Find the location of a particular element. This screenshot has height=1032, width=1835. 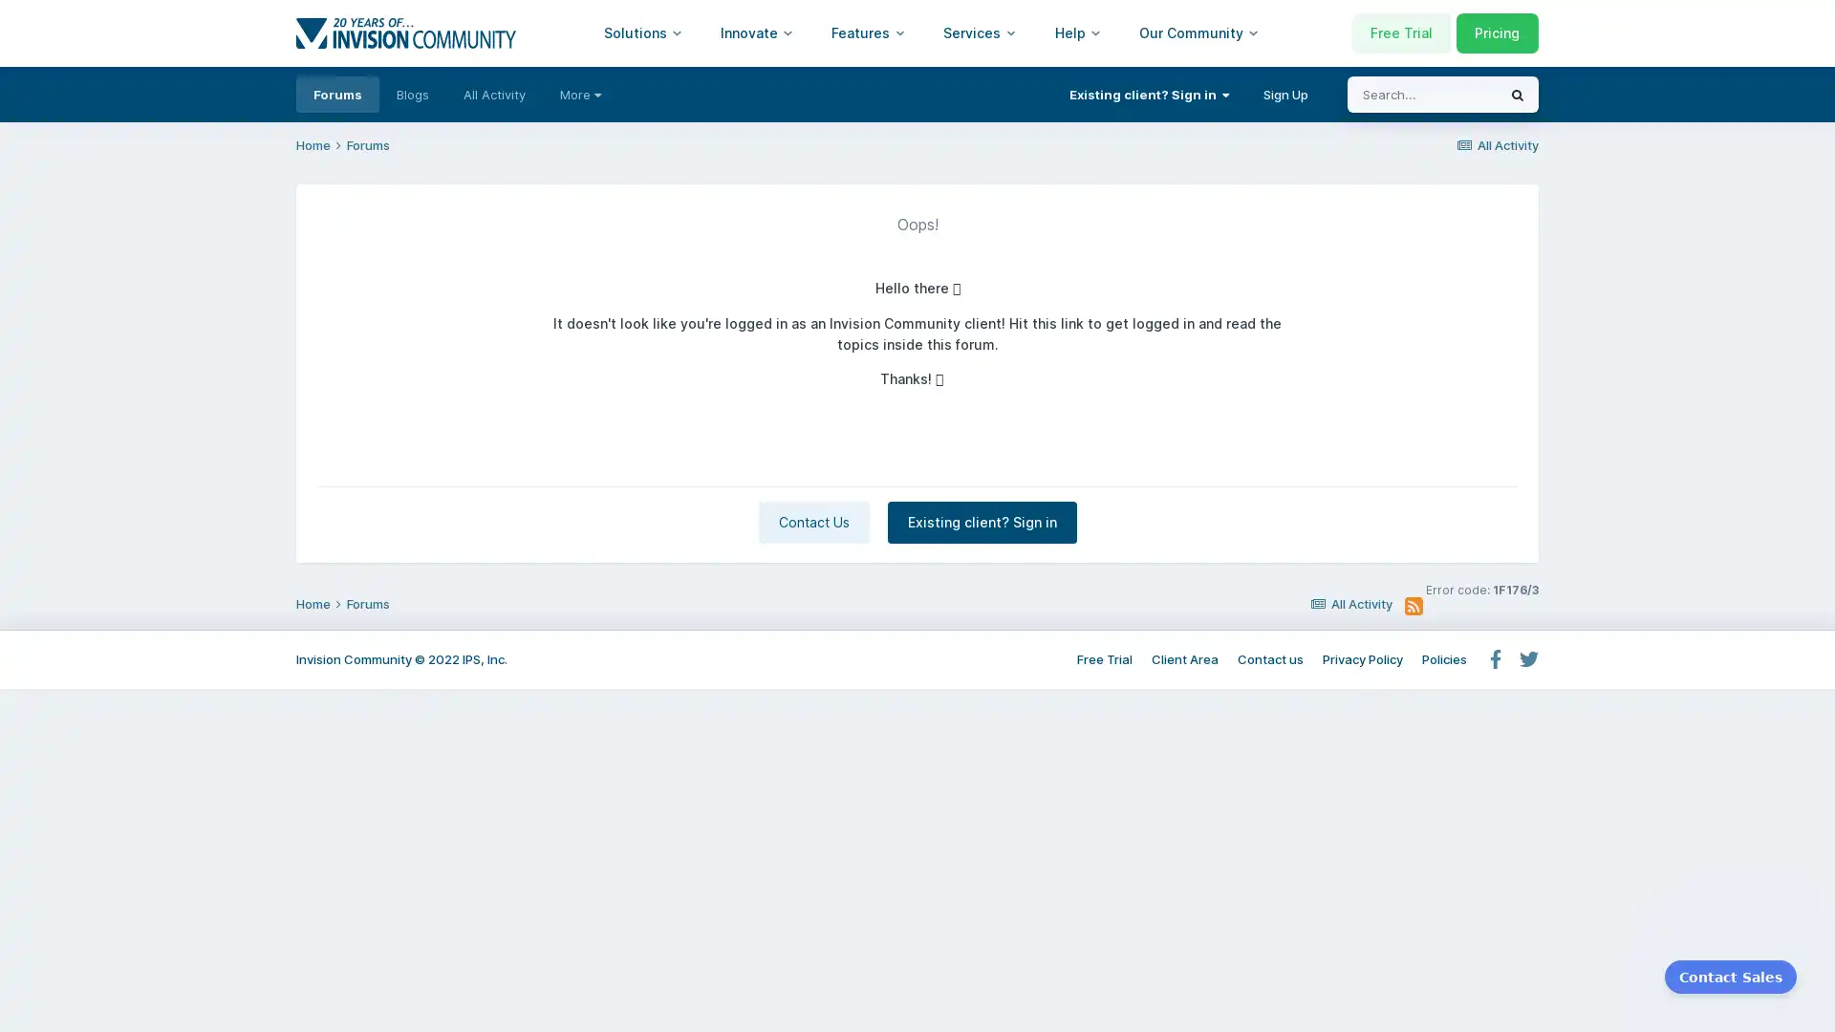

Solutions is located at coordinates (642, 32).